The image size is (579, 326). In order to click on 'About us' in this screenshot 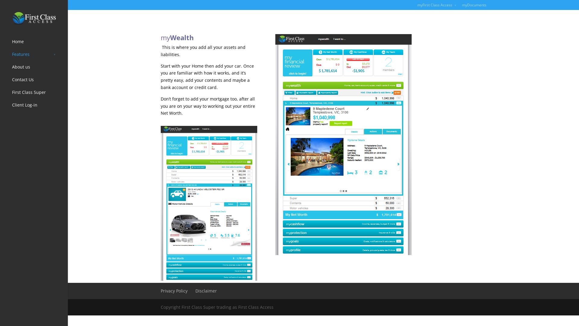, I will do `click(40, 69)`.